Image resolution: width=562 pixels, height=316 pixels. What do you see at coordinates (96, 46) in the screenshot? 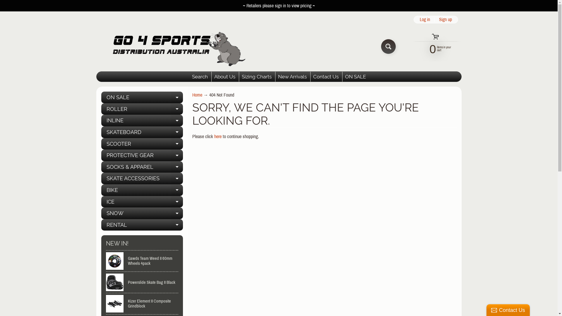
I see `'Go 4 Sports Distribution Australia'` at bounding box center [96, 46].